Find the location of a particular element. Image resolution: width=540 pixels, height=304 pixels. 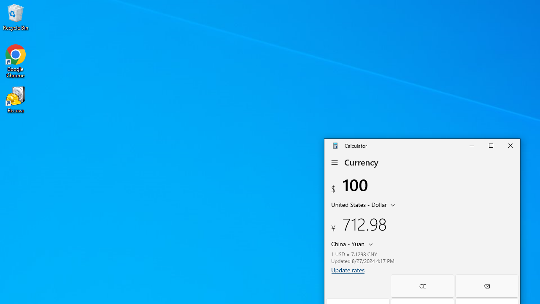

'United States Dollar' is located at coordinates (358, 204).